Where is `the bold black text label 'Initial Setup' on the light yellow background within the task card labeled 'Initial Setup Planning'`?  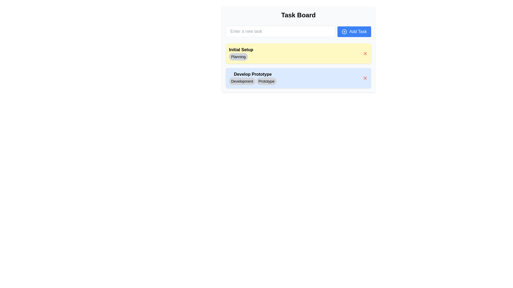
the bold black text label 'Initial Setup' on the light yellow background within the task card labeled 'Initial Setup Planning' is located at coordinates (241, 50).